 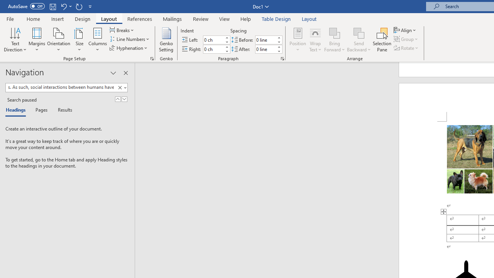 I want to click on 'Text Direction', so click(x=15, y=40).